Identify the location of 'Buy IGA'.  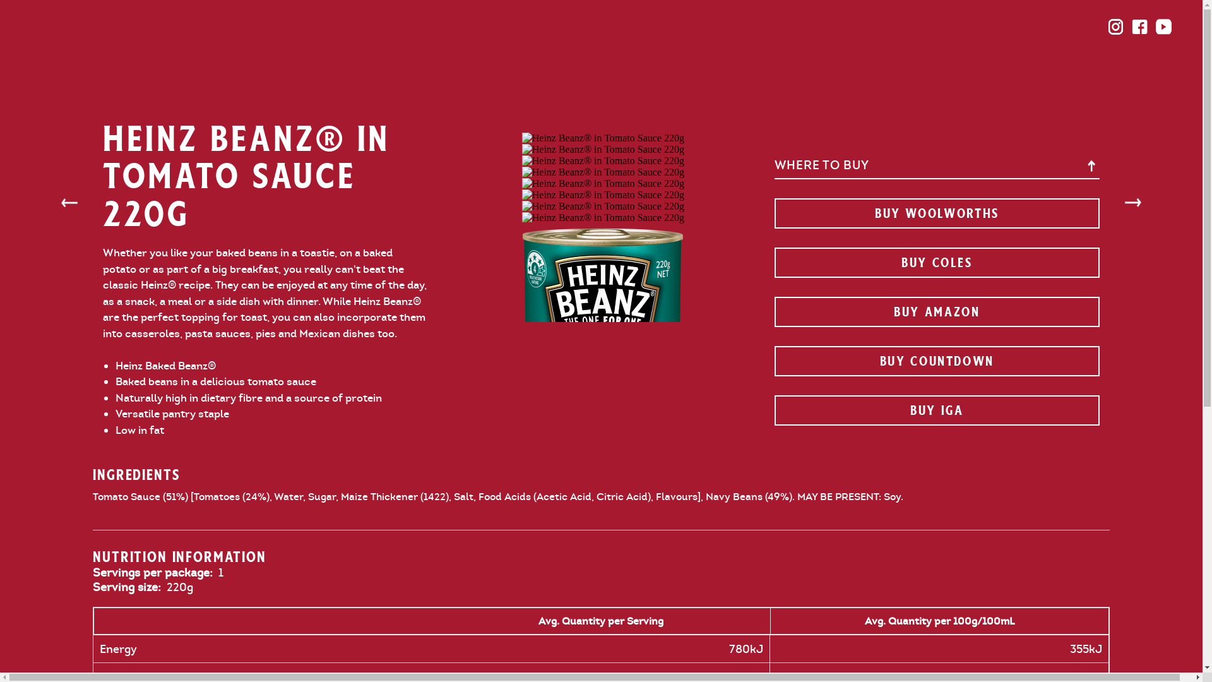
(773, 410).